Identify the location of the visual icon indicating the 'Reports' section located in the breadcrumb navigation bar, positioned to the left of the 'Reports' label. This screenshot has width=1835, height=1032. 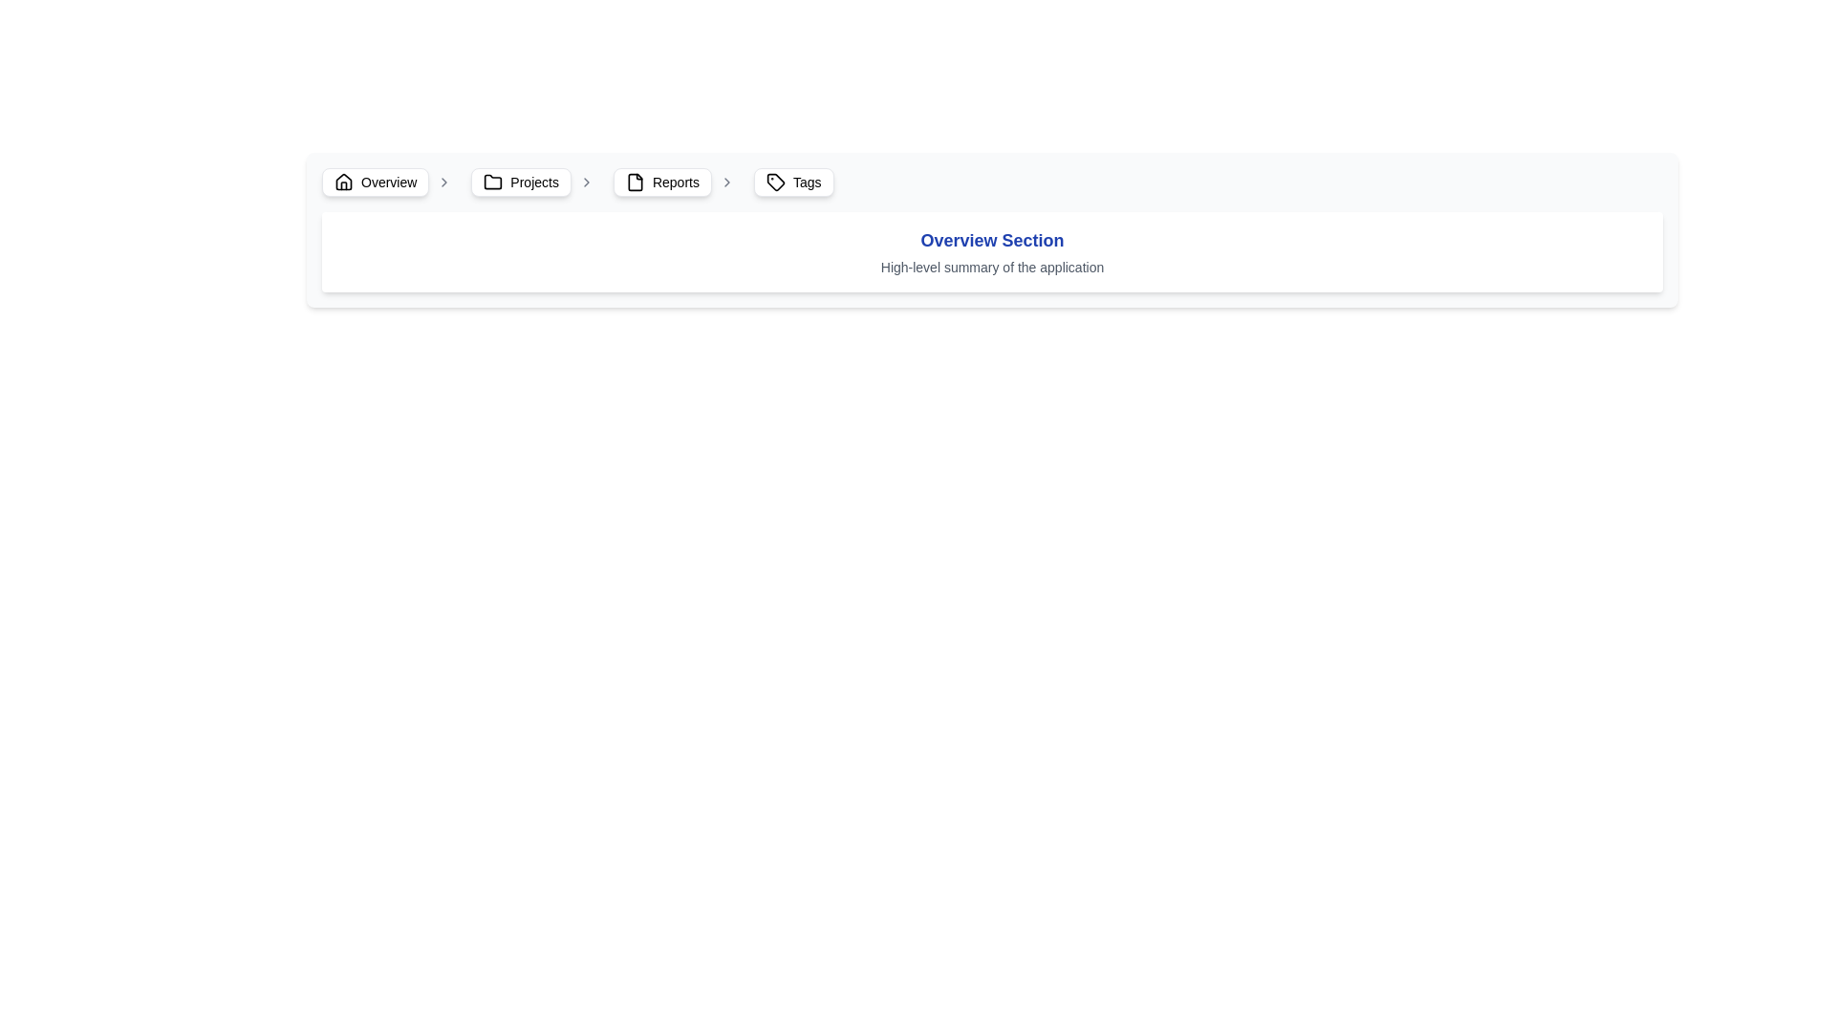
(635, 183).